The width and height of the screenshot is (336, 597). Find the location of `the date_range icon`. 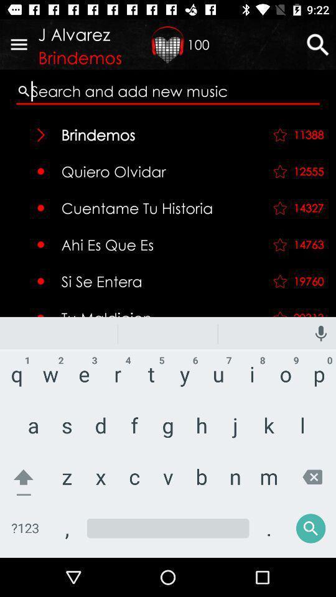

the date_range icon is located at coordinates (168, 44).